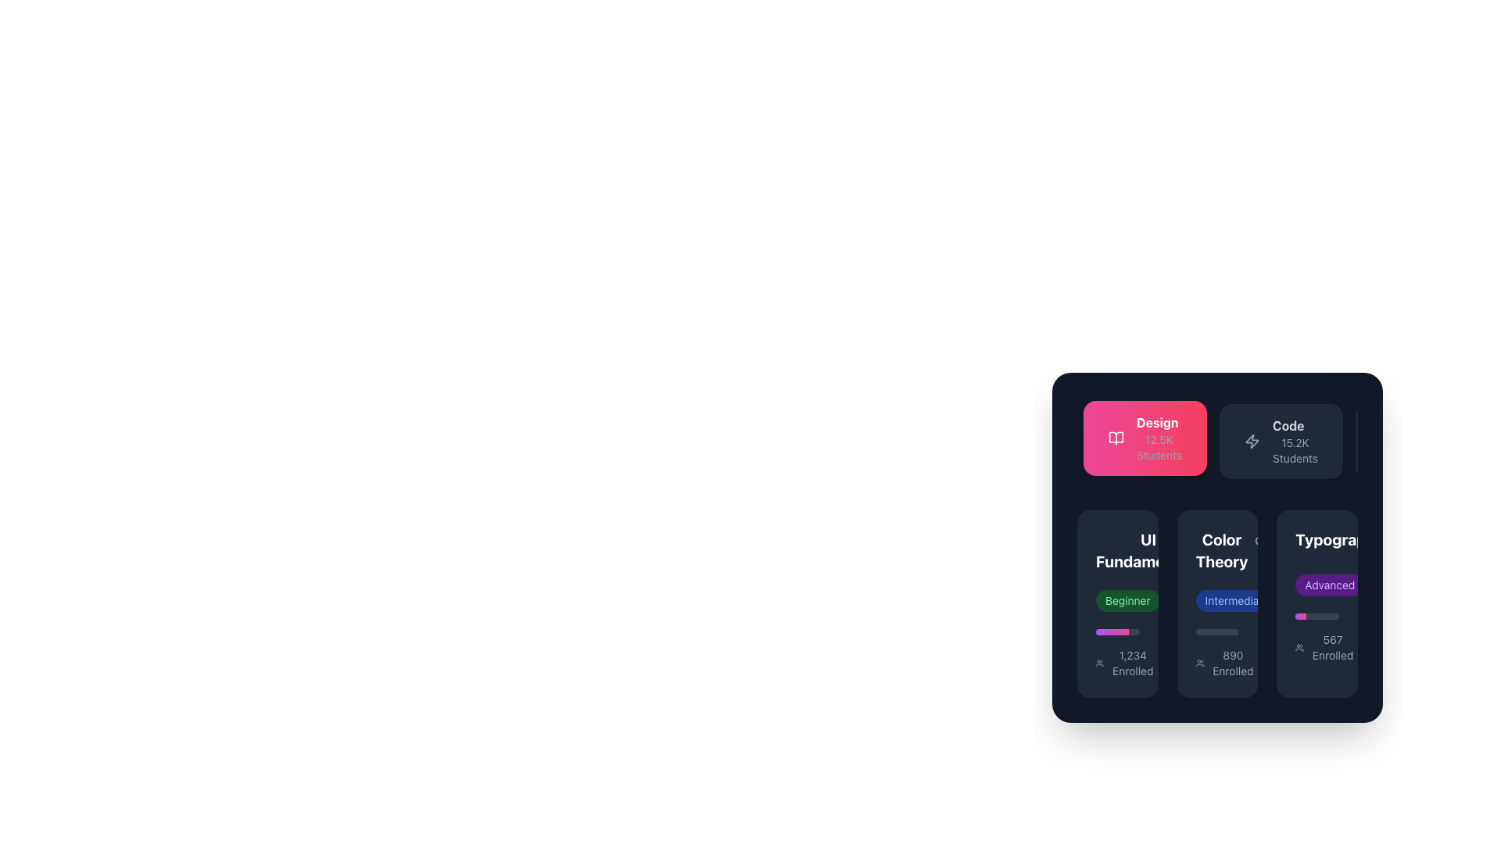  What do you see at coordinates (1317, 585) in the screenshot?
I see `the difficulty level badge associated with the 'Typography' item, located in the rightmost column of the grid layout` at bounding box center [1317, 585].